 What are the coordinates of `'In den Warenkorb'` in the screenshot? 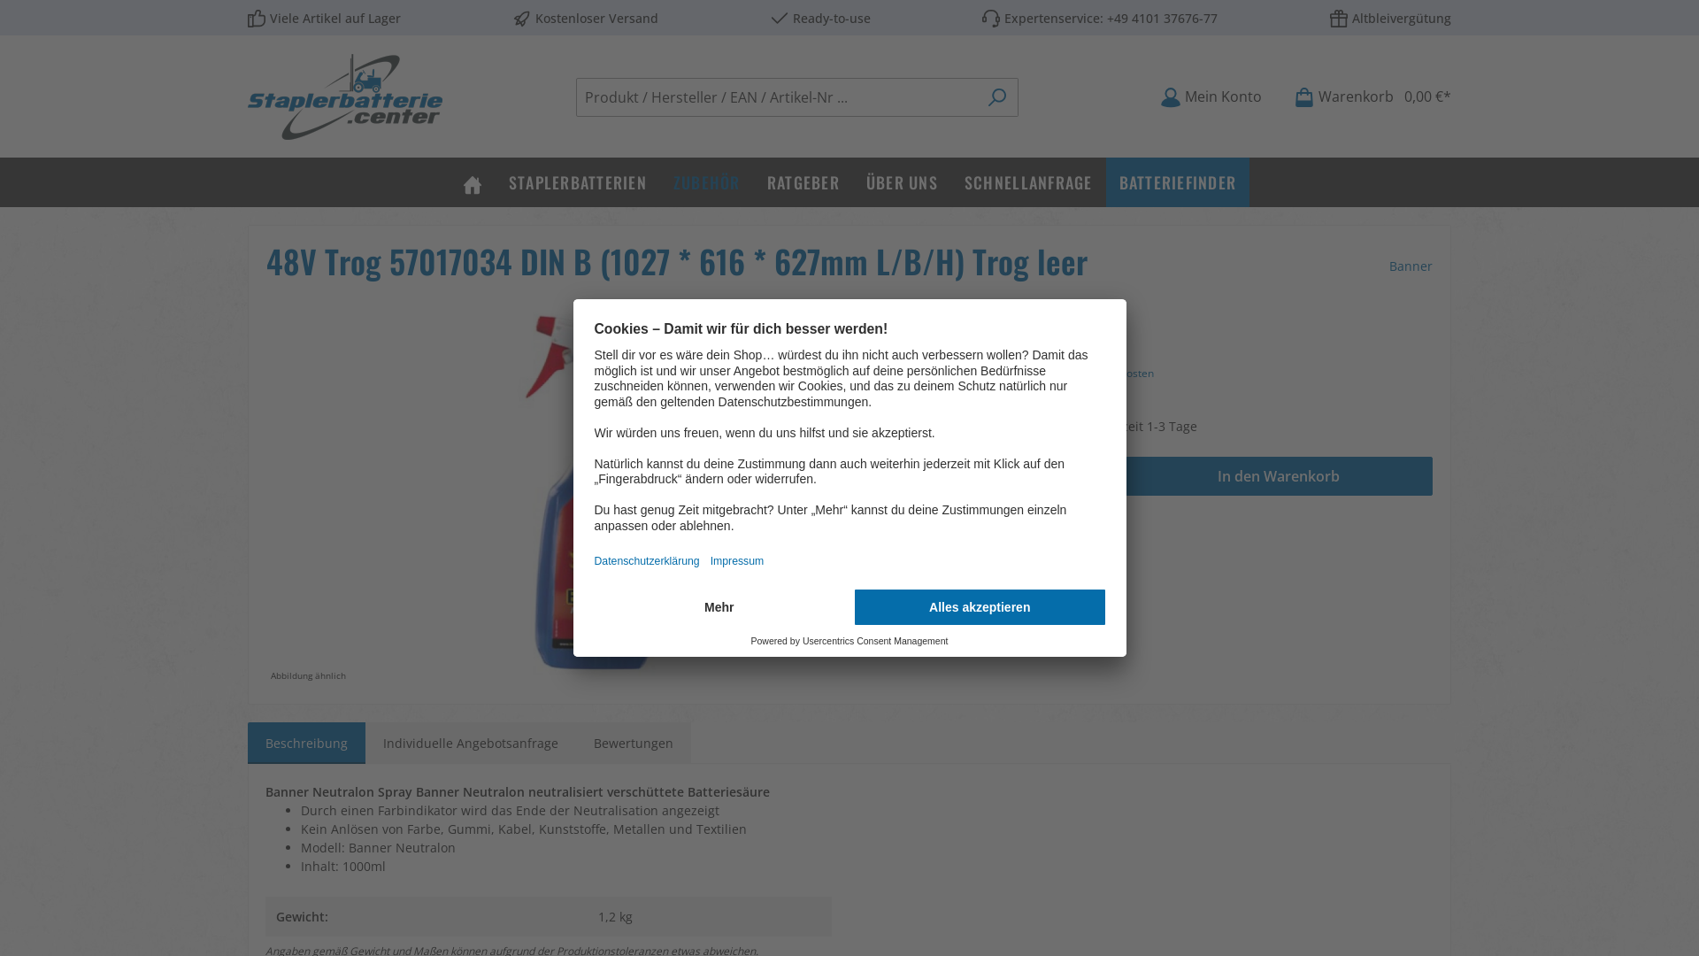 It's located at (1279, 474).